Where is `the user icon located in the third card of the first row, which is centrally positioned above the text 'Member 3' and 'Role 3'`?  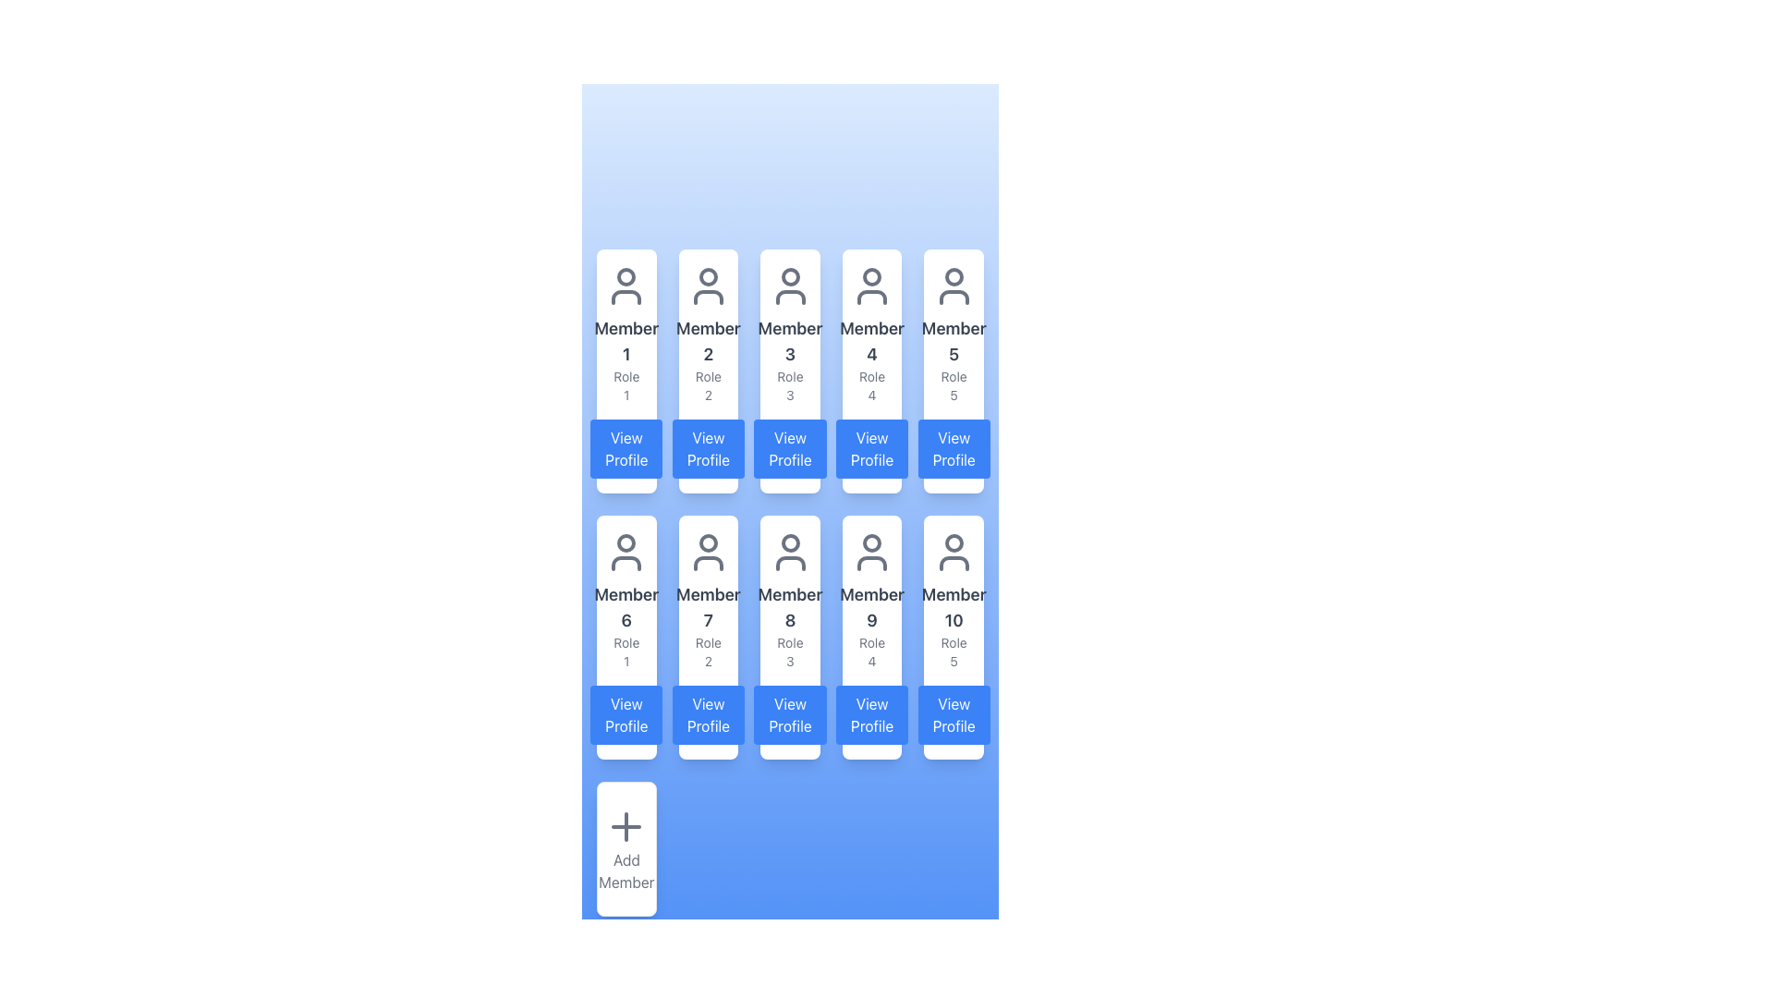 the user icon located in the third card of the first row, which is centrally positioned above the text 'Member 3' and 'Role 3' is located at coordinates (790, 286).